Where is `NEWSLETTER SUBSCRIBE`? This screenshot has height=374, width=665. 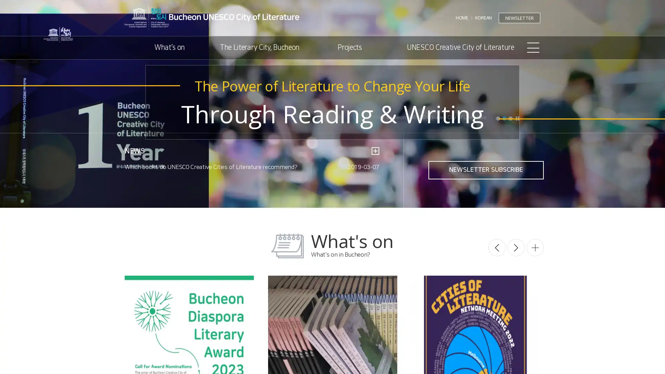 NEWSLETTER SUBSCRIBE is located at coordinates (486, 170).